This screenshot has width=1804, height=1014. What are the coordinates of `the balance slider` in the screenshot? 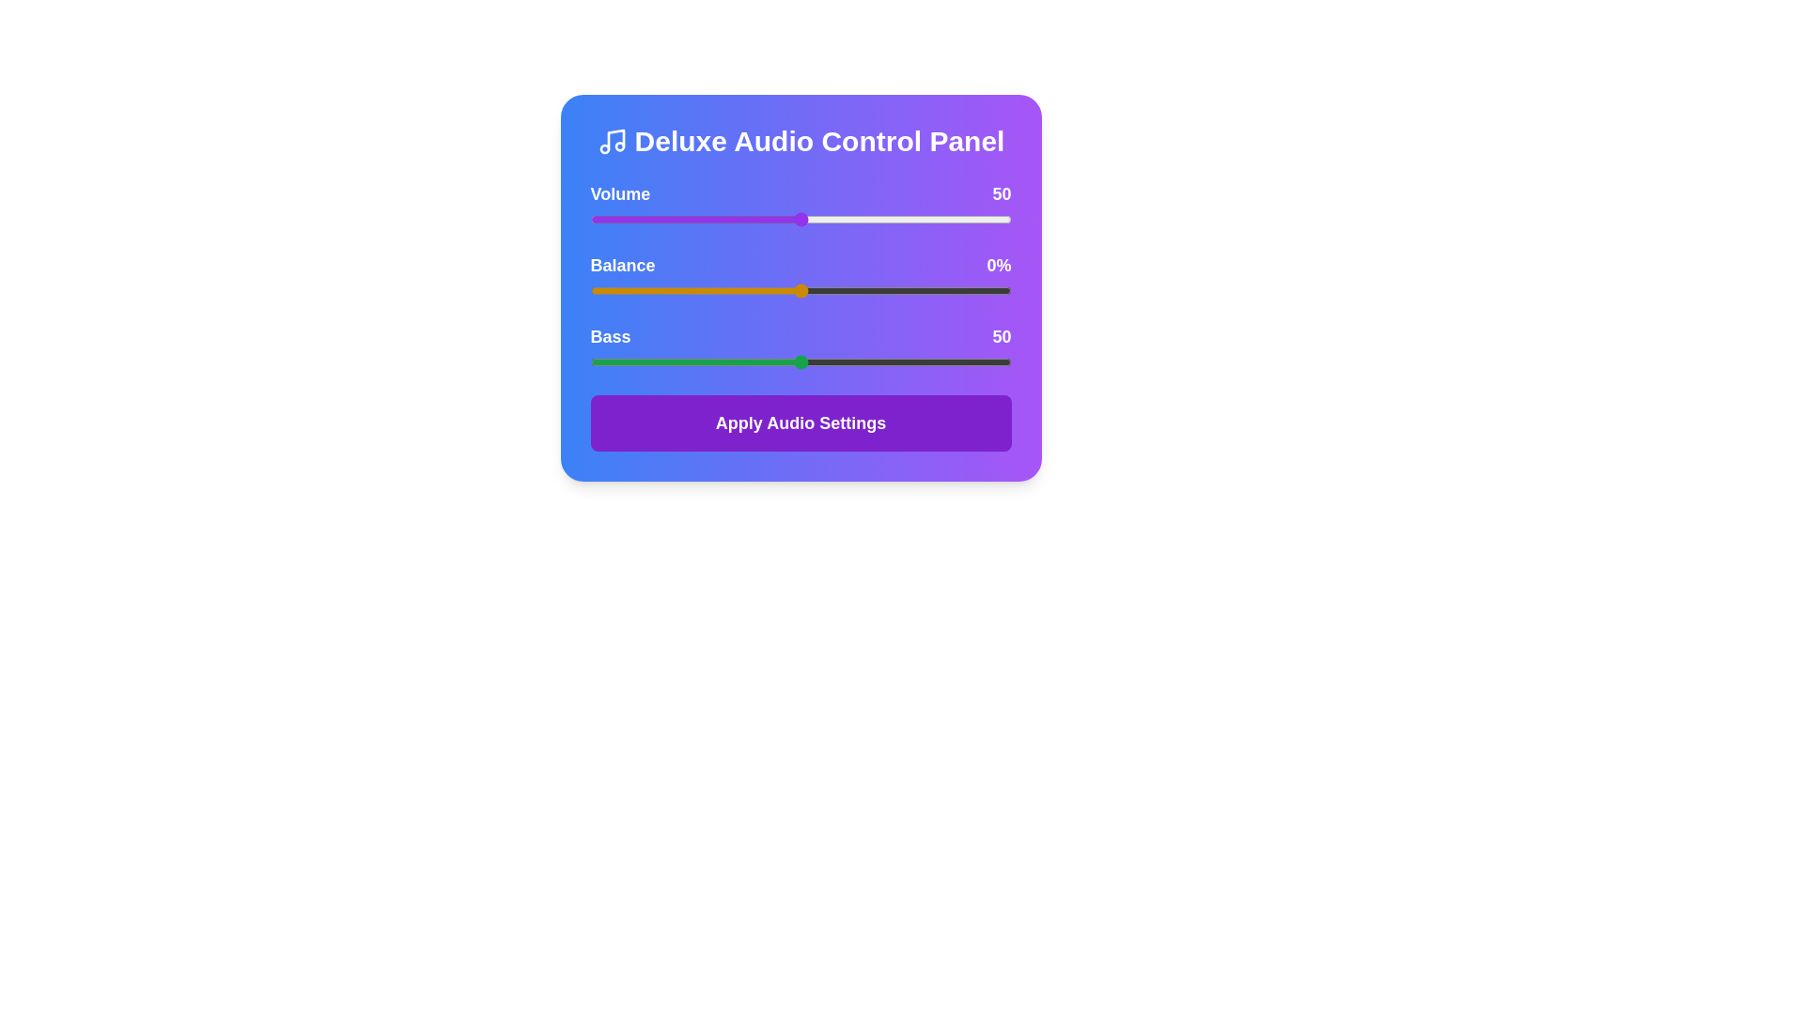 It's located at (771, 290).